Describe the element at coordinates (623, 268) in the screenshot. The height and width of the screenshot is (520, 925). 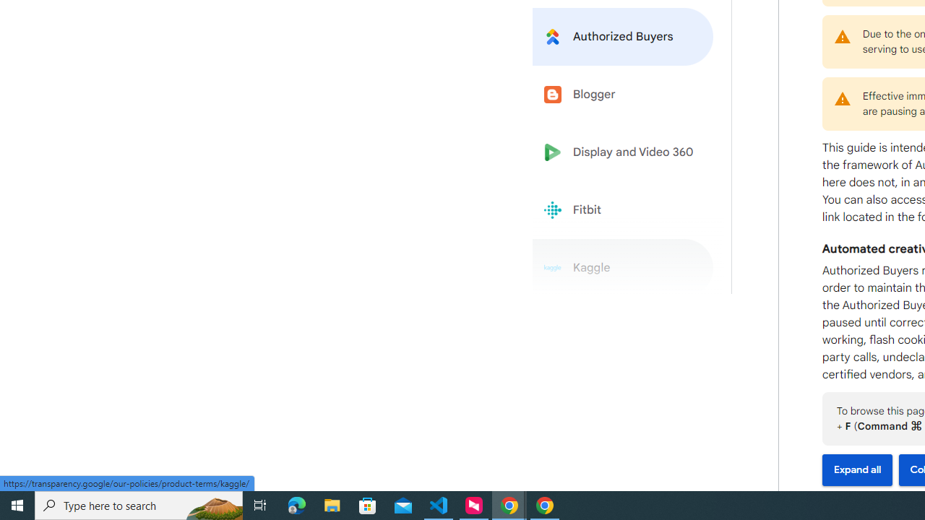
I see `'Kaggle'` at that location.